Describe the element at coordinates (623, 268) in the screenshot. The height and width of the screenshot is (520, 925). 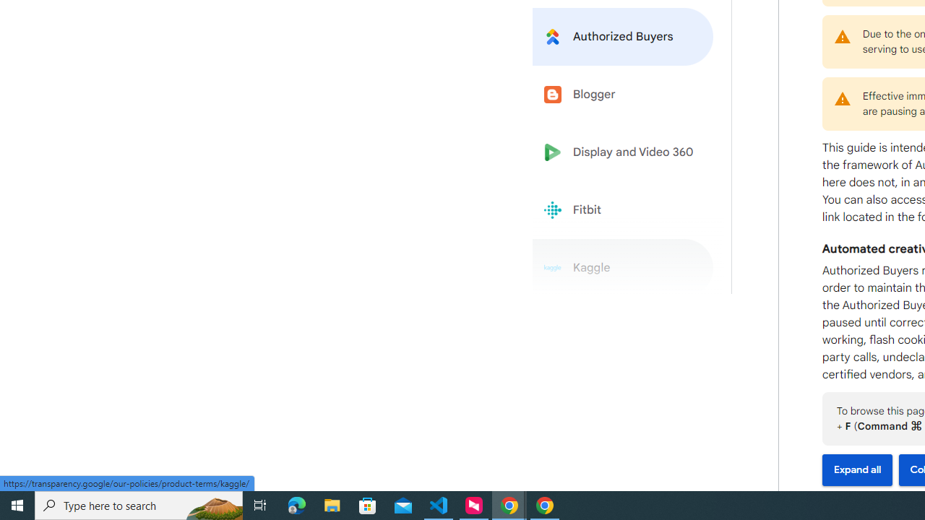
I see `'Kaggle'` at that location.